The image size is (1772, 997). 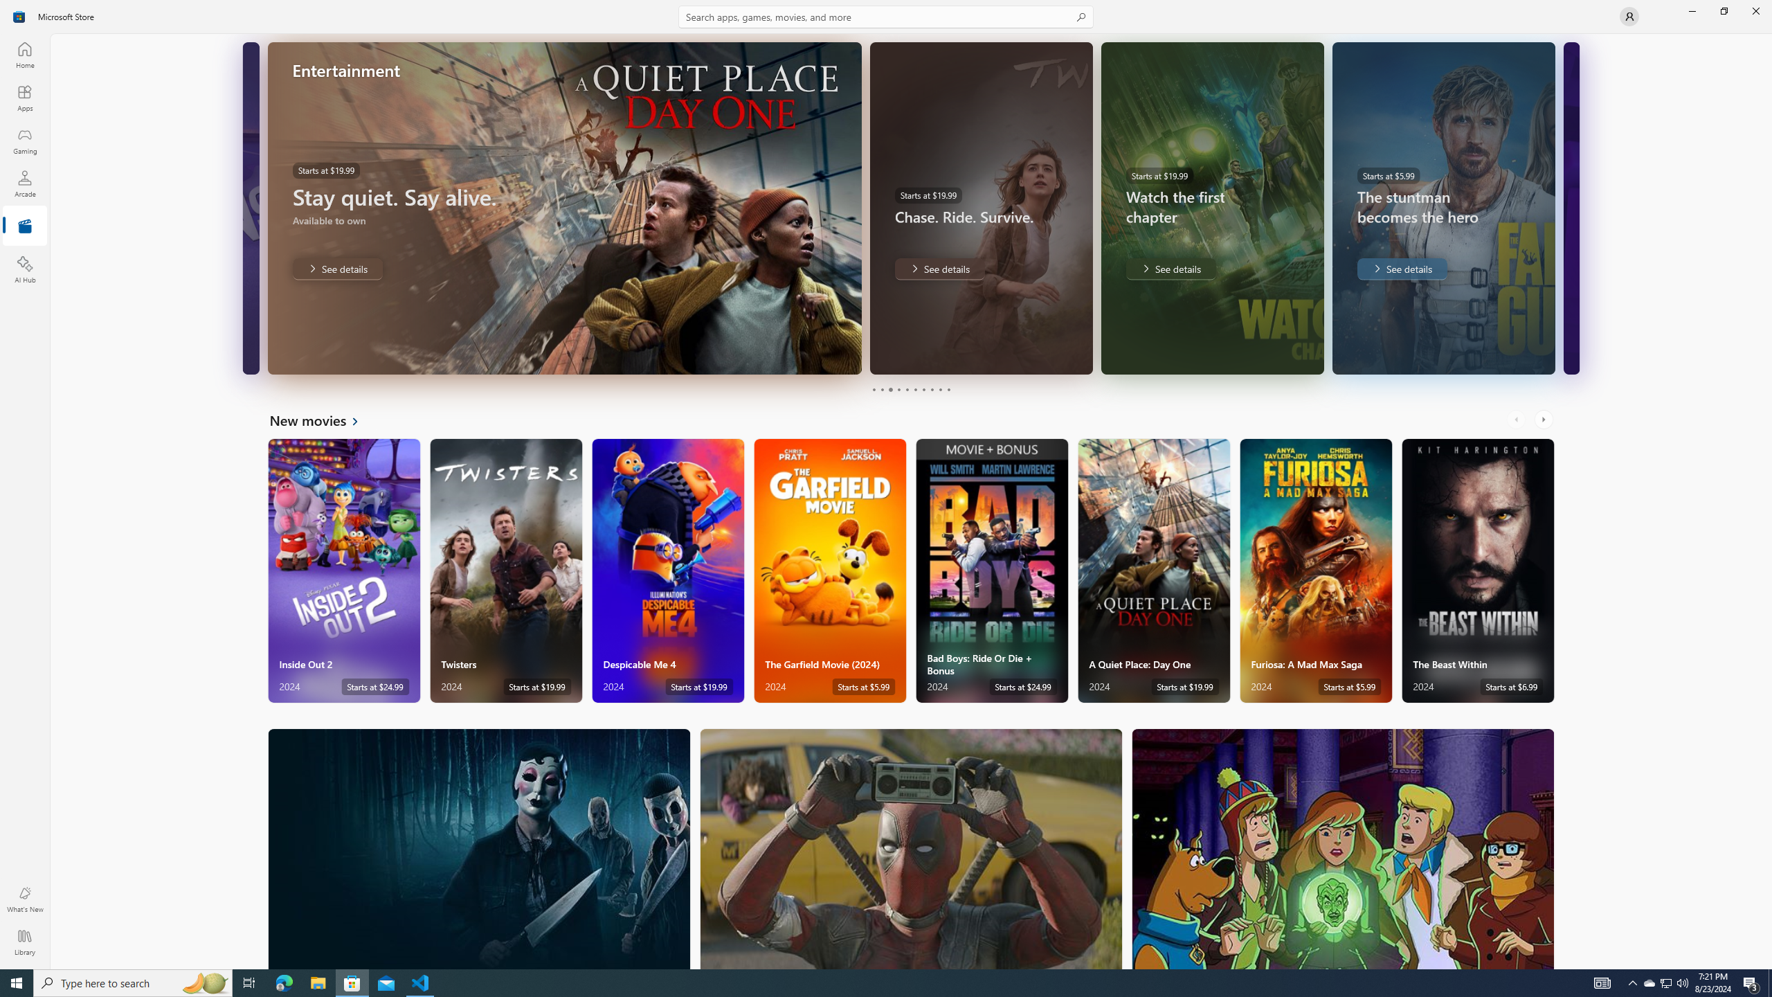 I want to click on 'Page 2', so click(x=880, y=389).